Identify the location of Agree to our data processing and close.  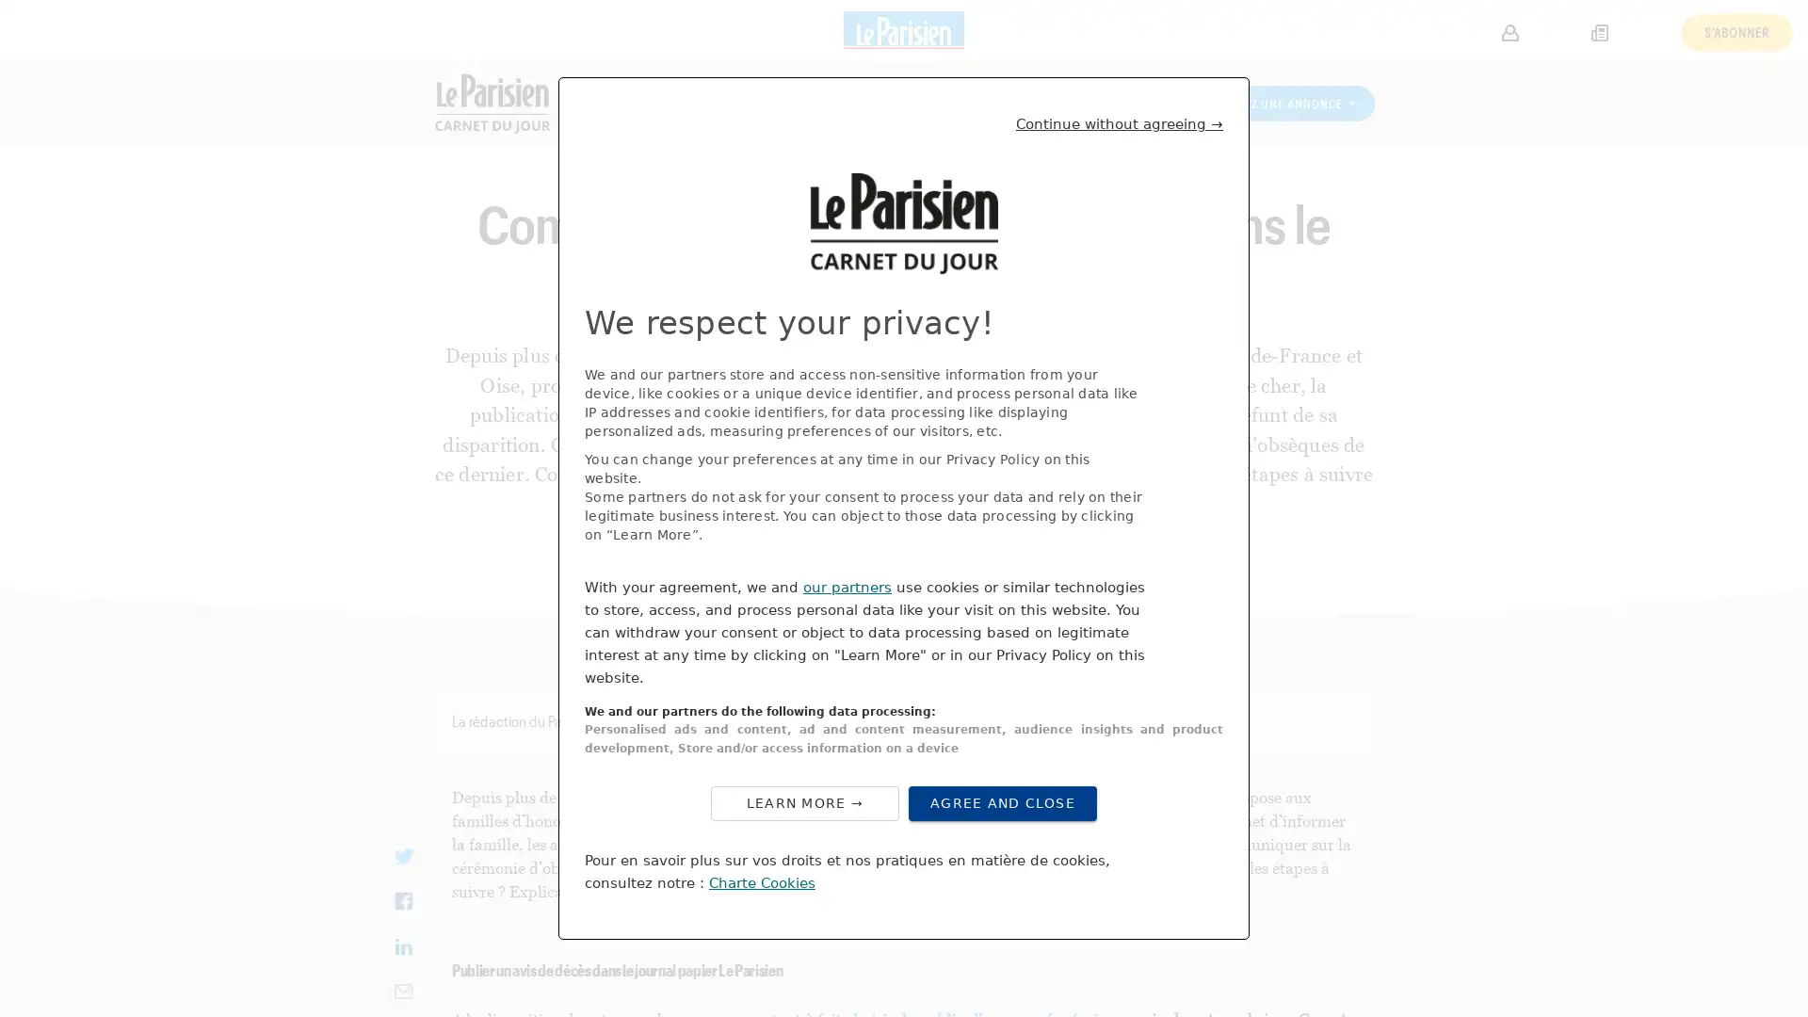
(1002, 802).